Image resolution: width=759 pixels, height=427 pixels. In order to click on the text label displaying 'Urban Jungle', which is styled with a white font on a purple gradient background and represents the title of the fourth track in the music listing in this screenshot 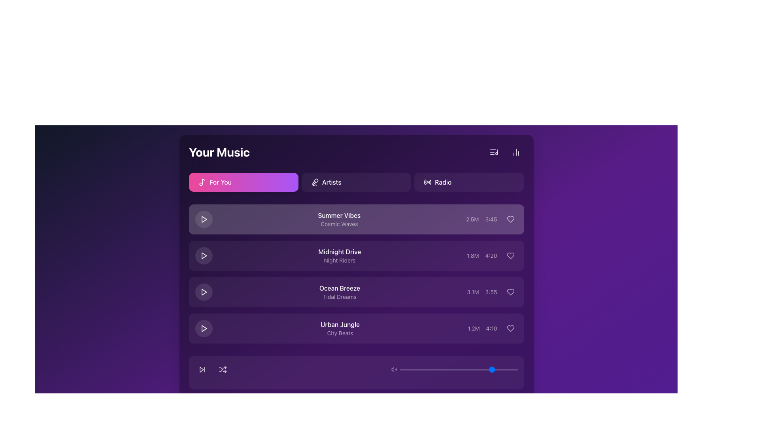, I will do `click(340, 325)`.